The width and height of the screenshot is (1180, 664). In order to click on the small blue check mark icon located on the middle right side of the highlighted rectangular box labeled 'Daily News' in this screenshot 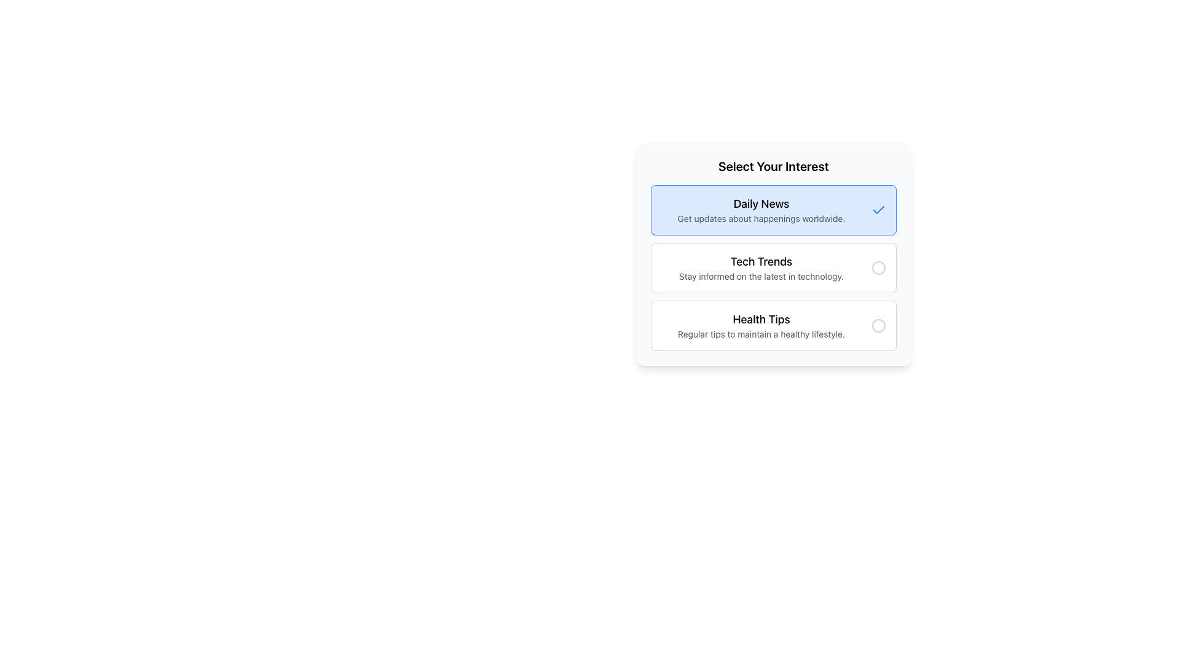, I will do `click(878, 210)`.